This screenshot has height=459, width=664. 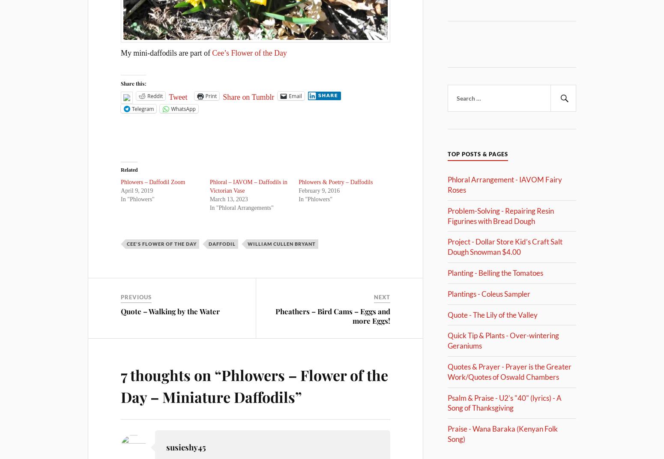 What do you see at coordinates (248, 97) in the screenshot?
I see `'Share on Tumblr'` at bounding box center [248, 97].